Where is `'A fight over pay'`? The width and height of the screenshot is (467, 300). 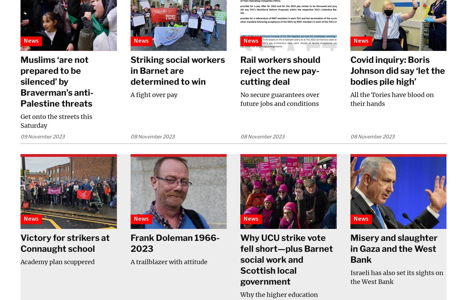
'A fight over pay' is located at coordinates (153, 94).